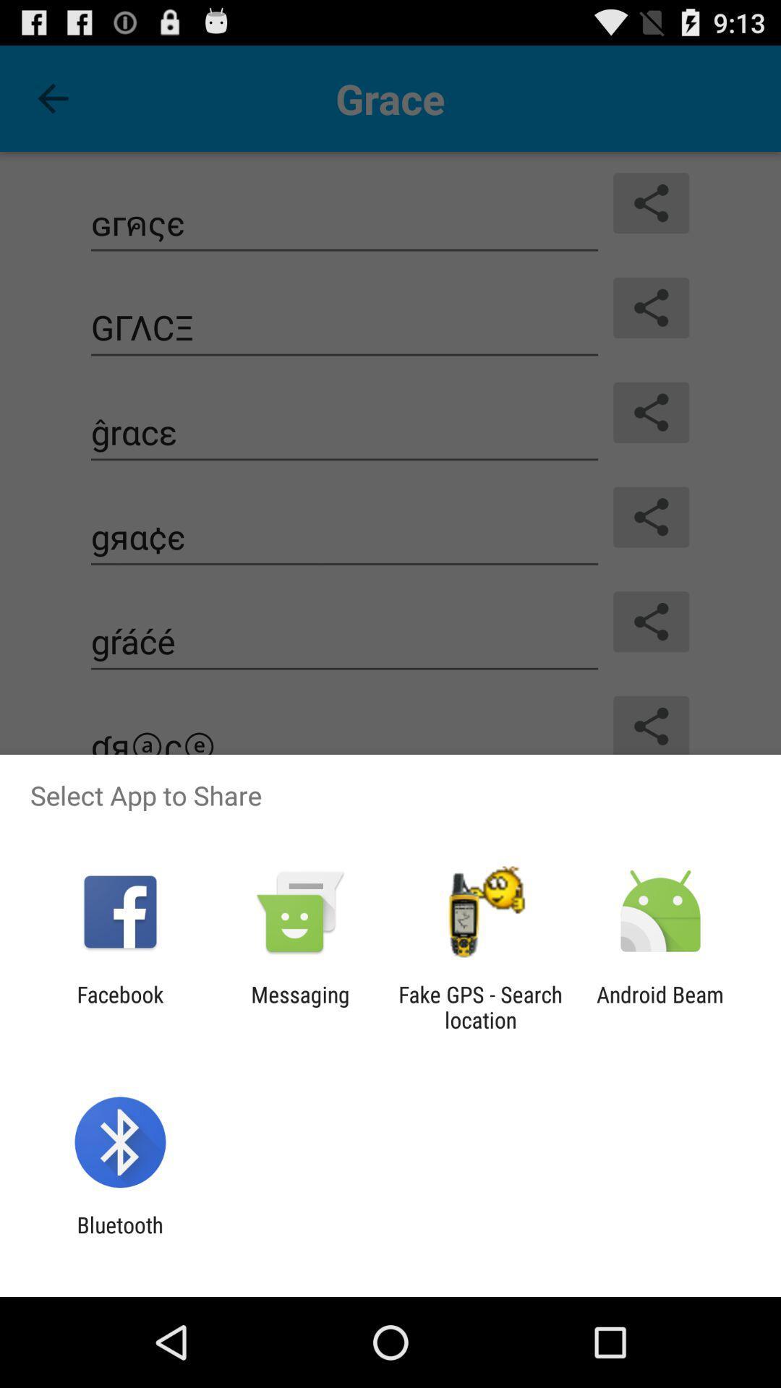 This screenshot has height=1388, width=781. Describe the element at coordinates (299, 1006) in the screenshot. I see `messaging` at that location.